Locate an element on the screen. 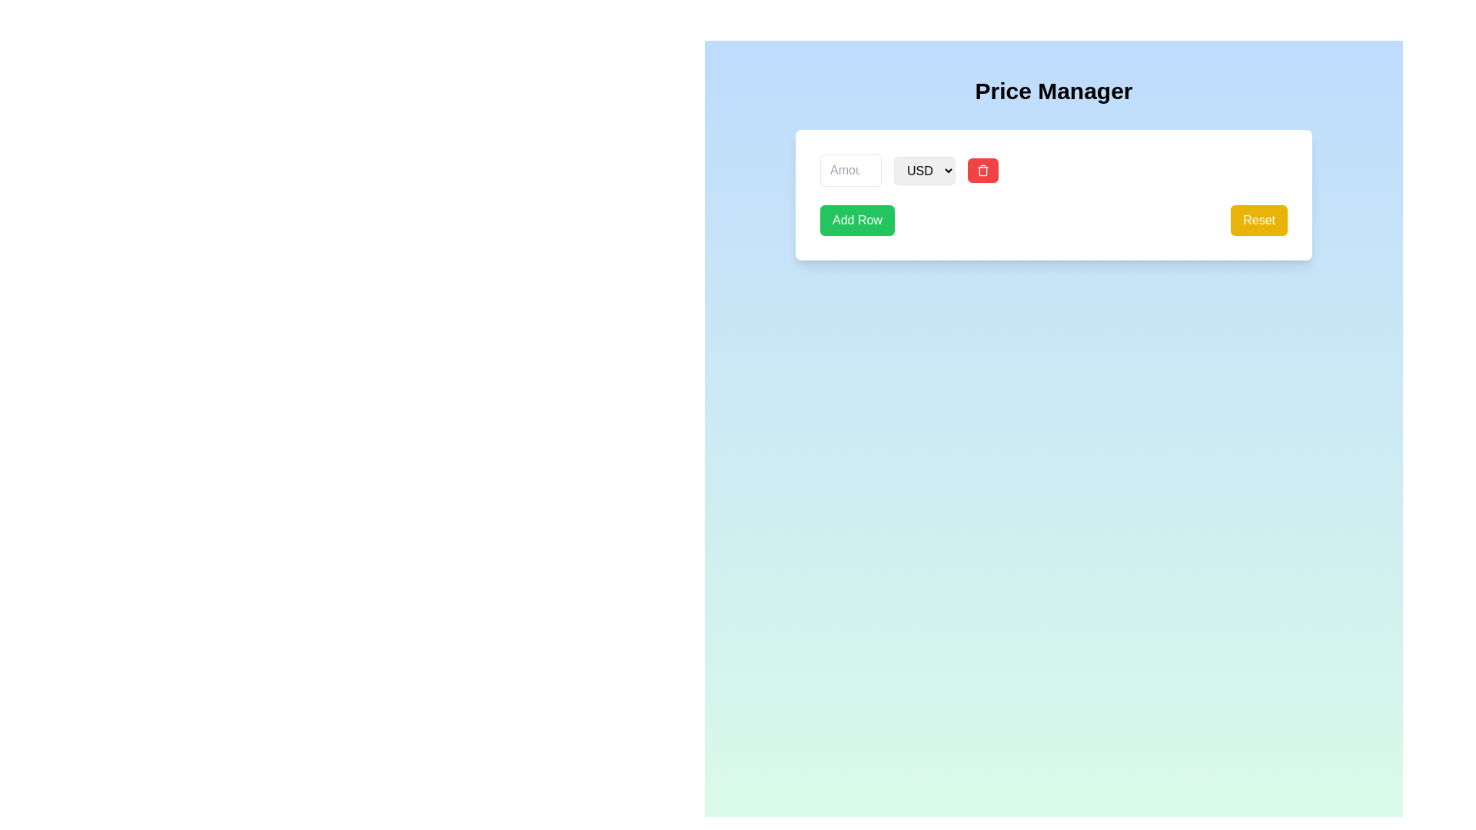 The width and height of the screenshot is (1476, 830). the dropdown menu displaying 'USD' is located at coordinates (924, 171).